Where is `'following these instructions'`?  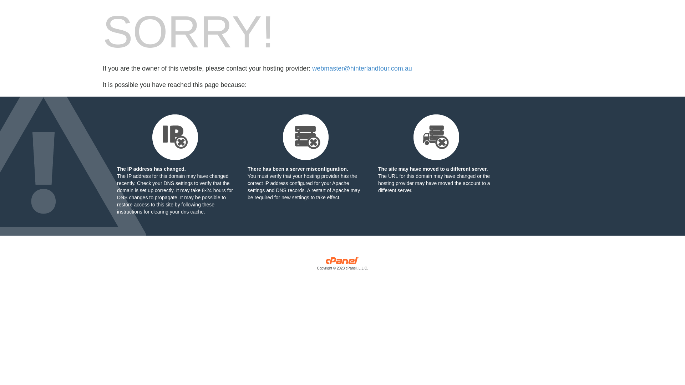 'following these instructions' is located at coordinates (117, 208).